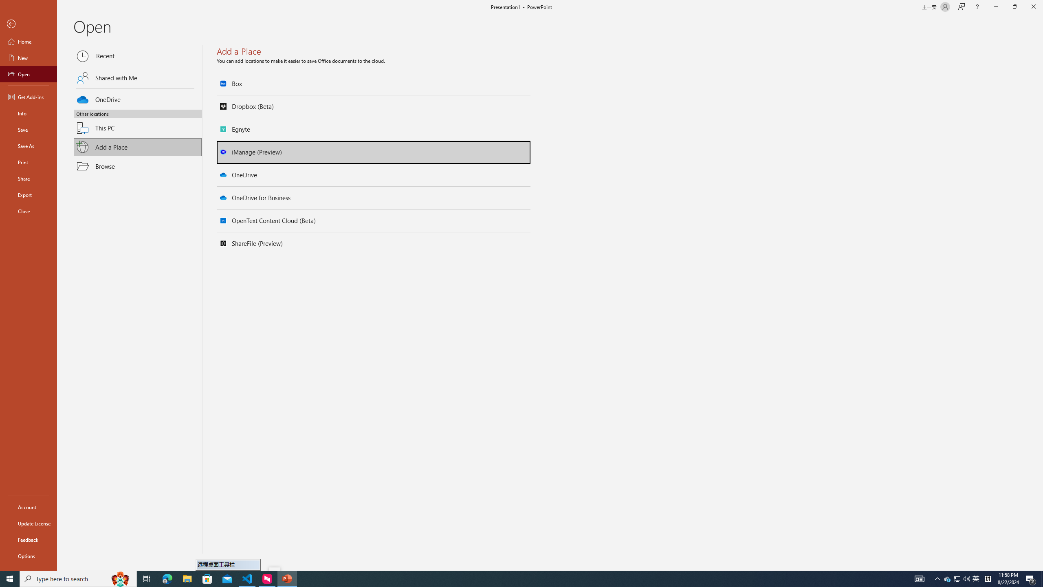 The image size is (1043, 587). What do you see at coordinates (28, 57) in the screenshot?
I see `'New'` at bounding box center [28, 57].